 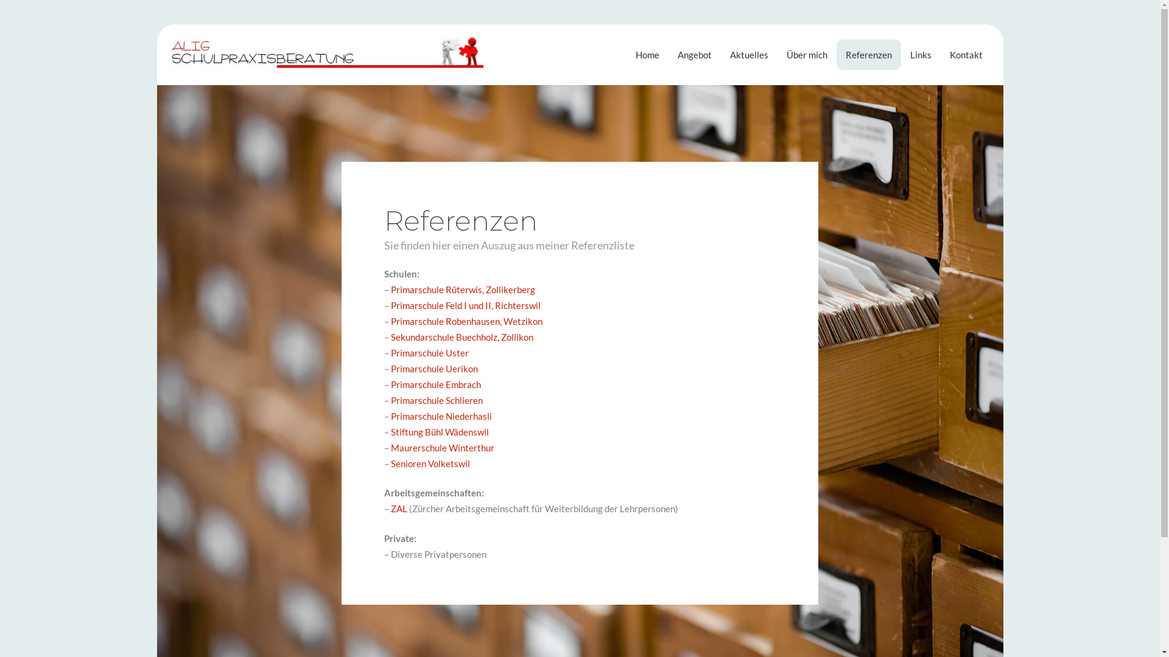 What do you see at coordinates (435, 384) in the screenshot?
I see `'Primarschule Embrach'` at bounding box center [435, 384].